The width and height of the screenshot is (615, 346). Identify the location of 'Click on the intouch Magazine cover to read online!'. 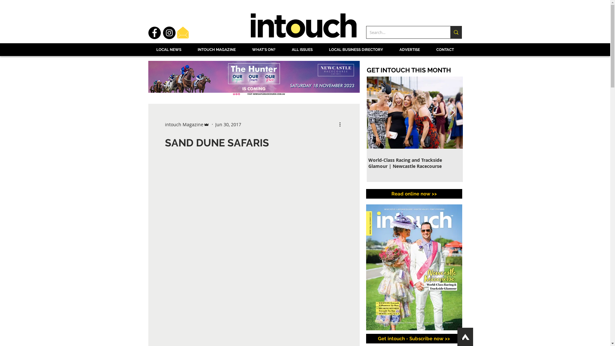
(414, 267).